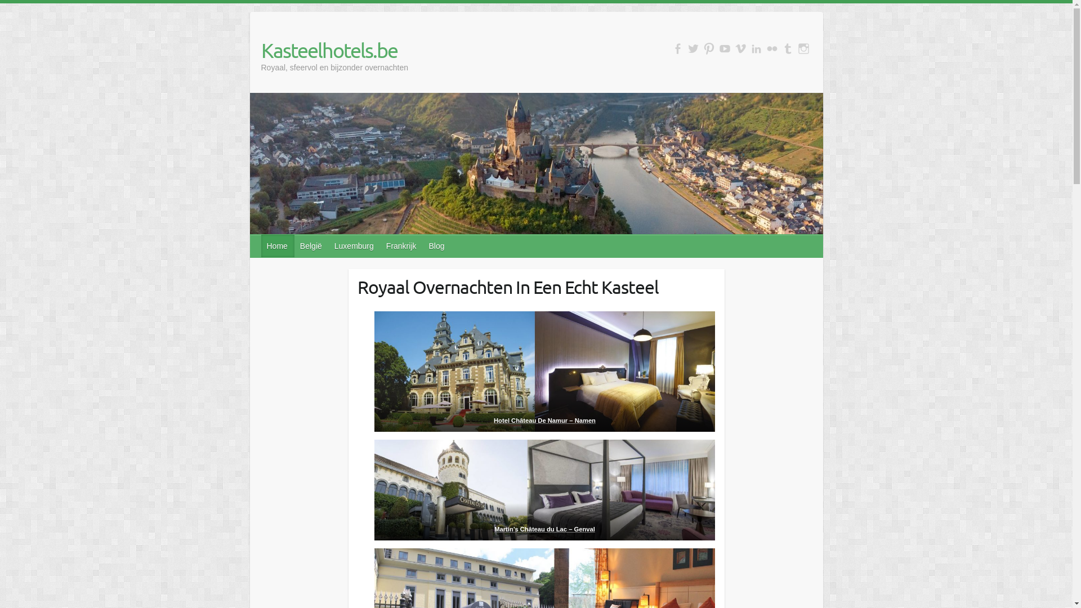 The height and width of the screenshot is (608, 1081). What do you see at coordinates (756, 48) in the screenshot?
I see `'Kasteelhotels.be op LinkedIn'` at bounding box center [756, 48].